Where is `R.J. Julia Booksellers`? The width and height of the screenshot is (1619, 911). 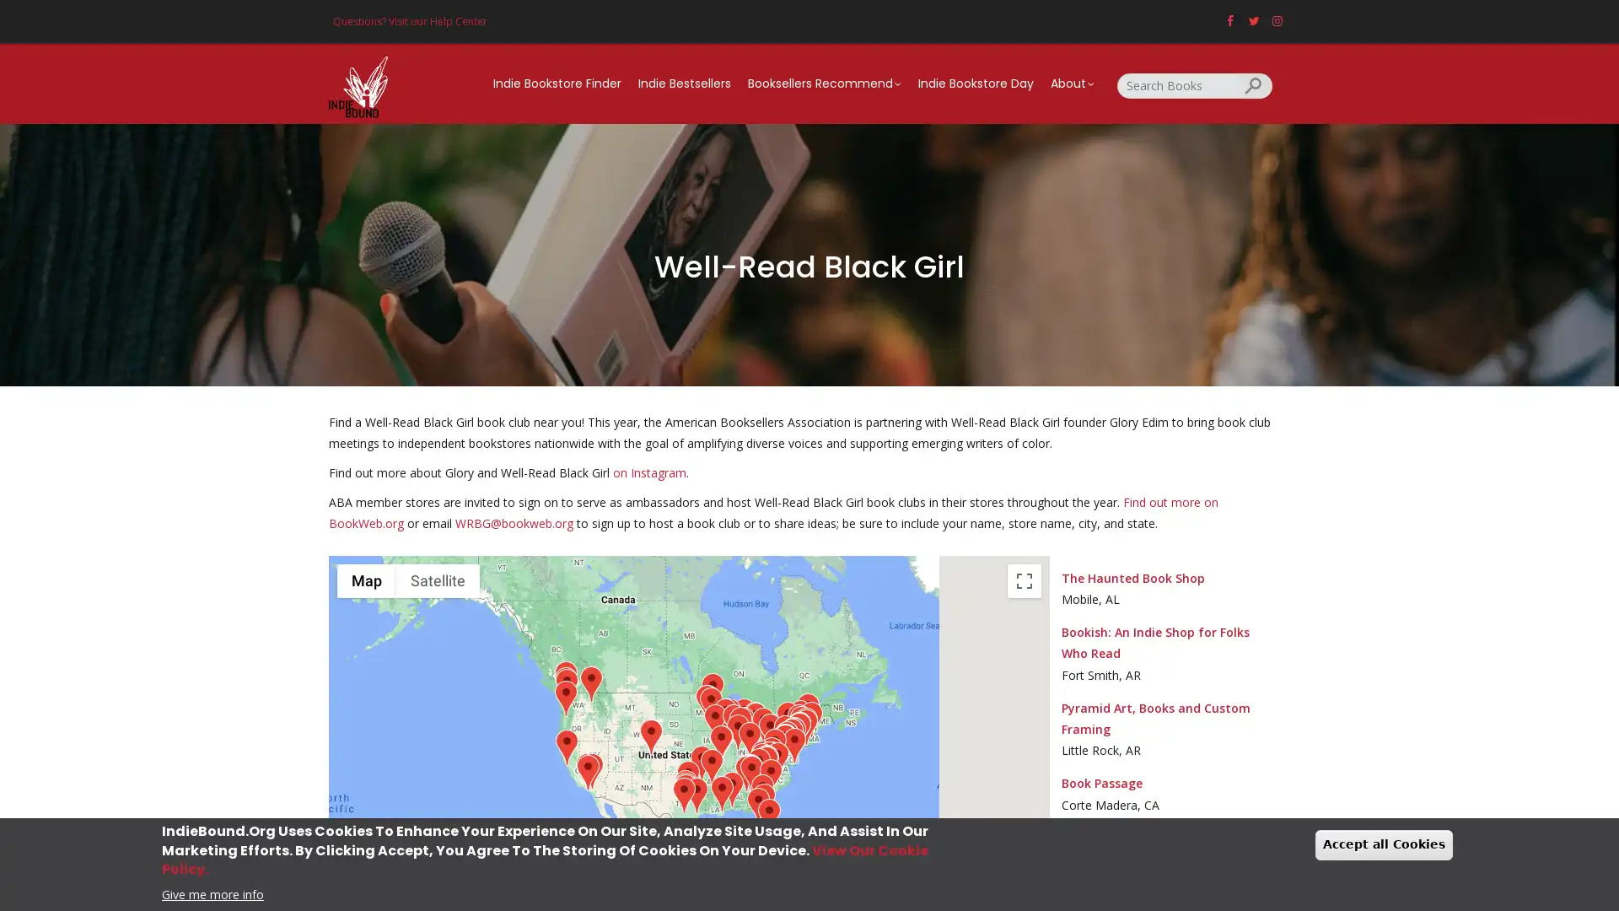 R.J. Julia Booksellers is located at coordinates (804, 725).